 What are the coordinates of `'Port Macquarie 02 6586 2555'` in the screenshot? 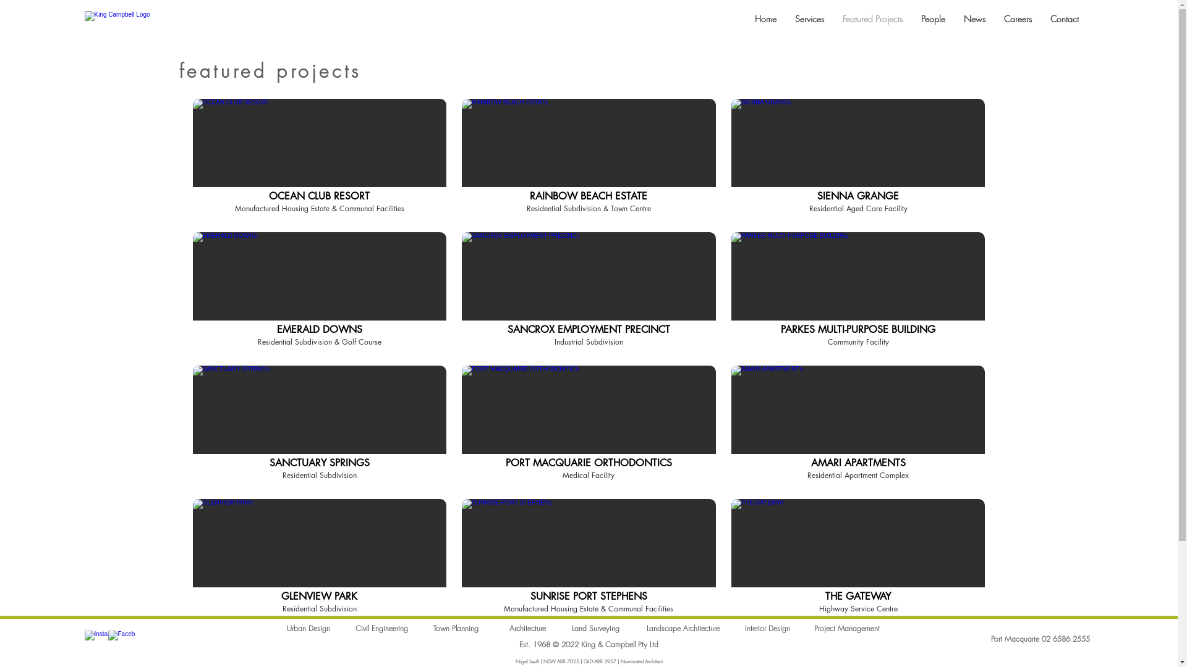 It's located at (990, 639).